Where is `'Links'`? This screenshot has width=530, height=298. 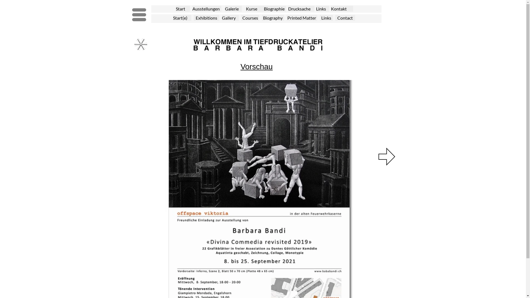
'Links' is located at coordinates (319, 18).